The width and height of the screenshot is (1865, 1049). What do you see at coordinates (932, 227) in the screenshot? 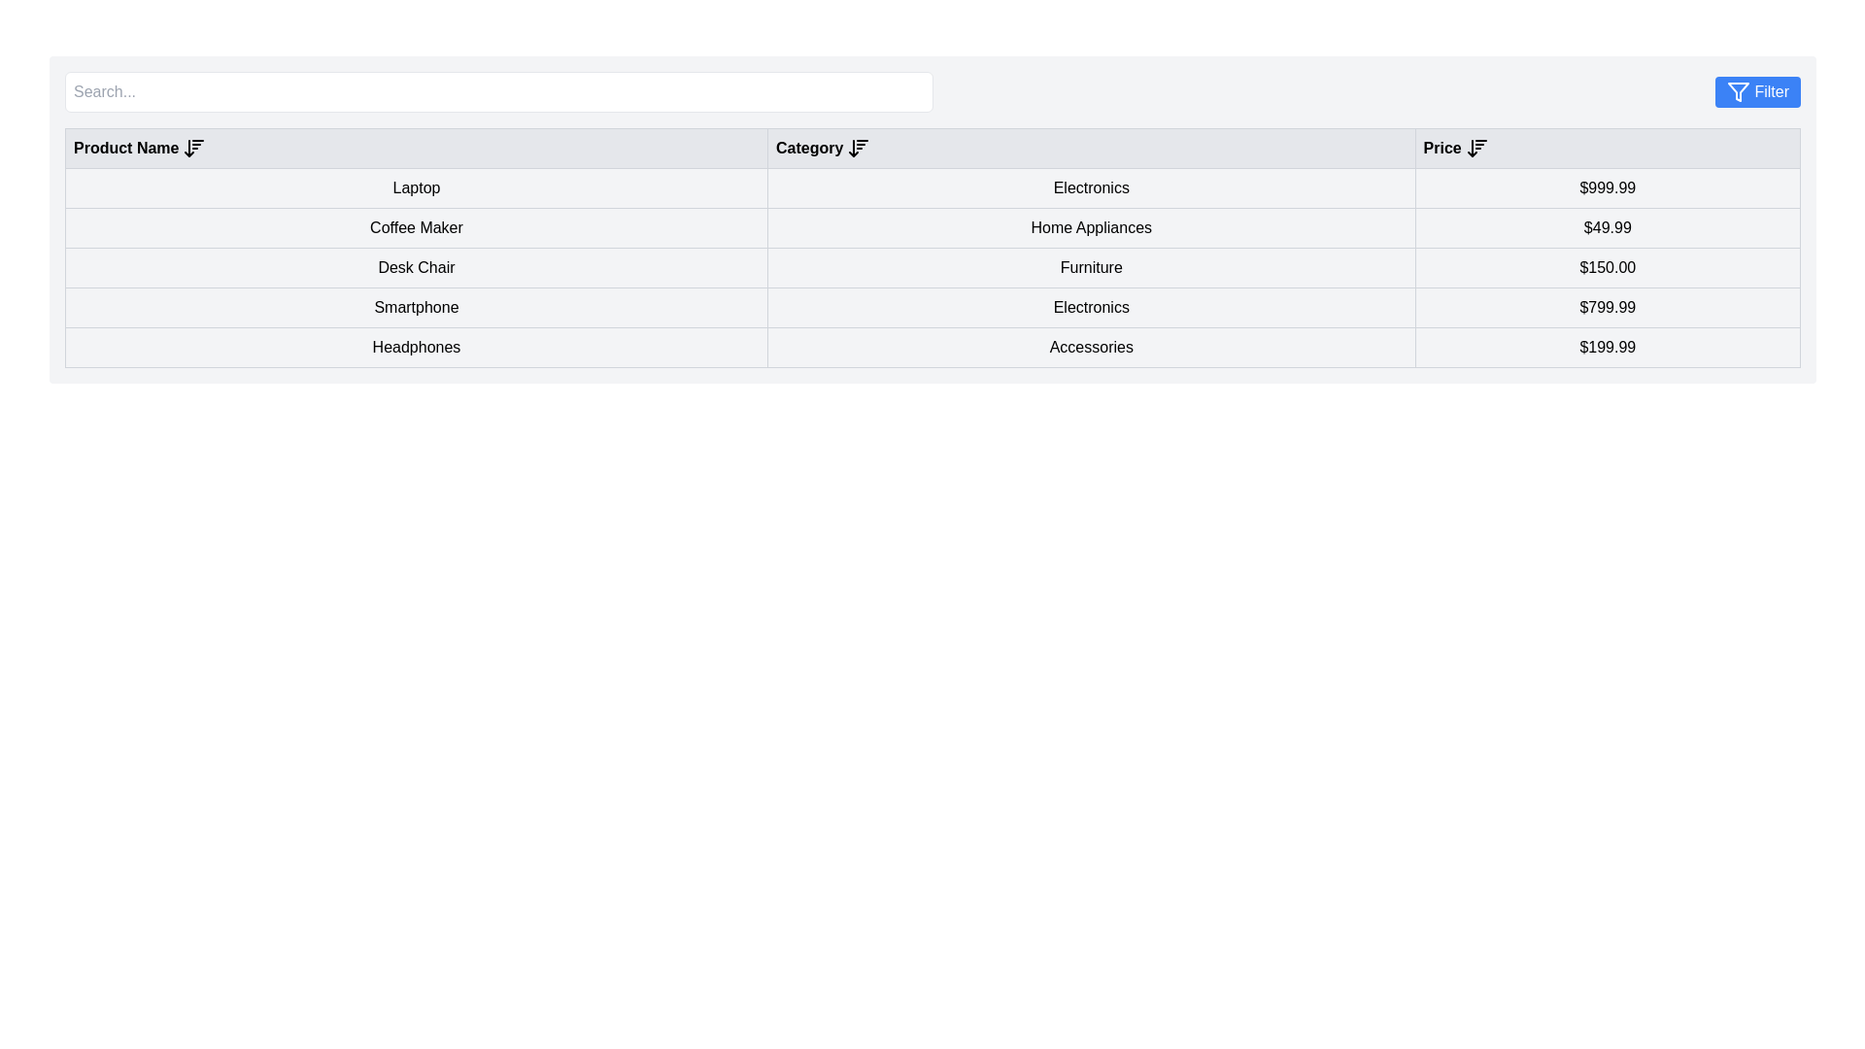
I see `to interact with the table row displaying 'Coffee Maker' in the left column, 'Home Appliances' in the middle column, and '$49.99' in the right column, located in the second row of the structured table layout` at bounding box center [932, 227].